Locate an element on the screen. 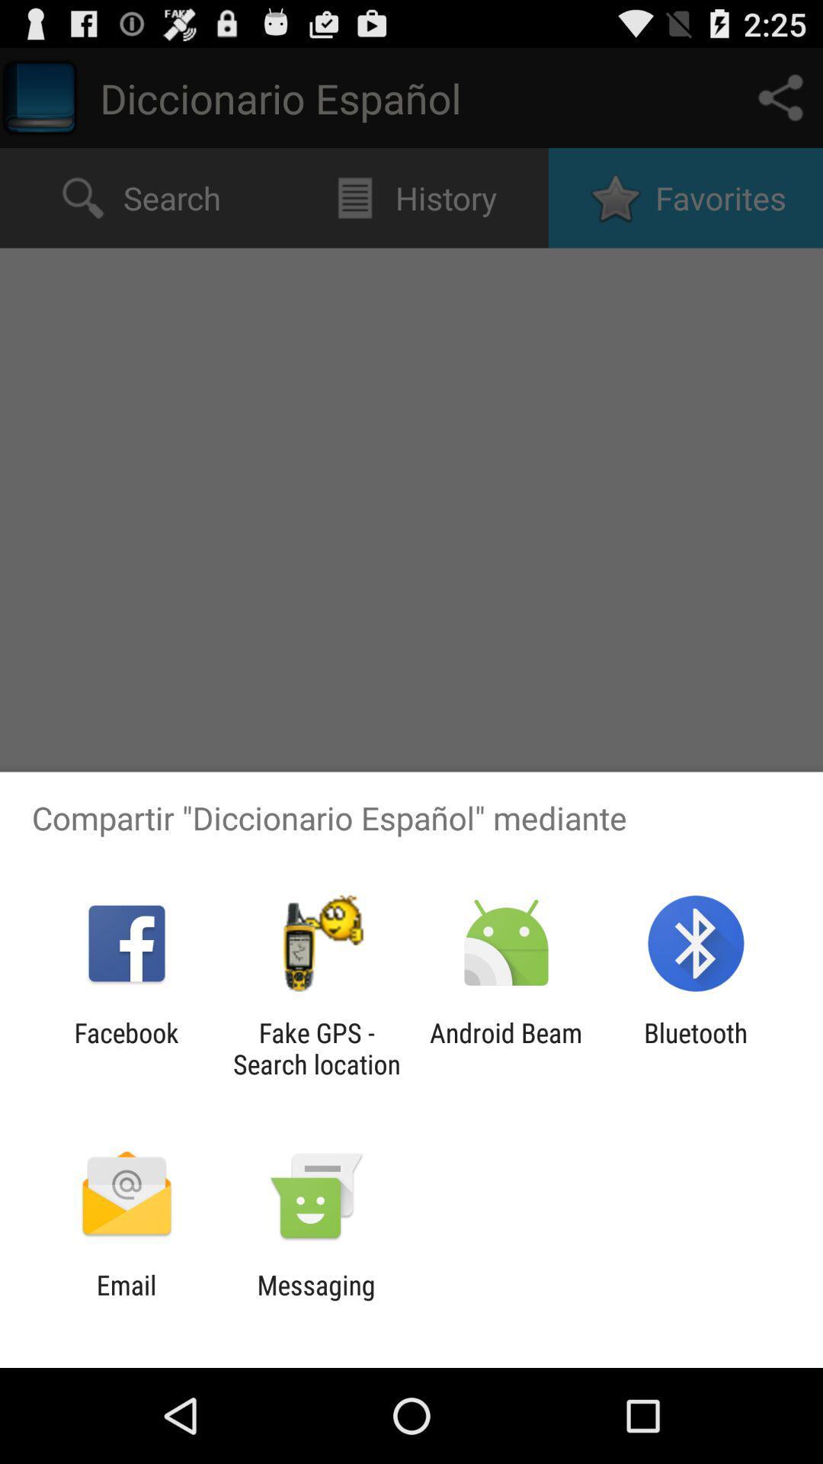 Image resolution: width=823 pixels, height=1464 pixels. the item to the right of fake gps search icon is located at coordinates (506, 1048).